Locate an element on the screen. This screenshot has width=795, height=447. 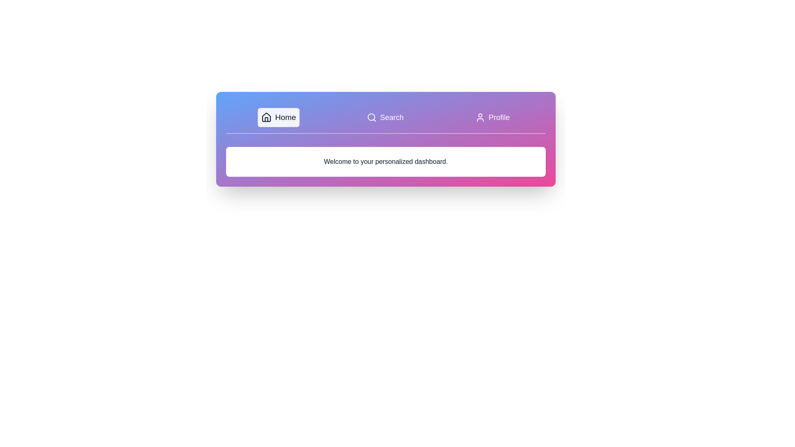
the Search tab to observe the hover effect is located at coordinates (385, 118).